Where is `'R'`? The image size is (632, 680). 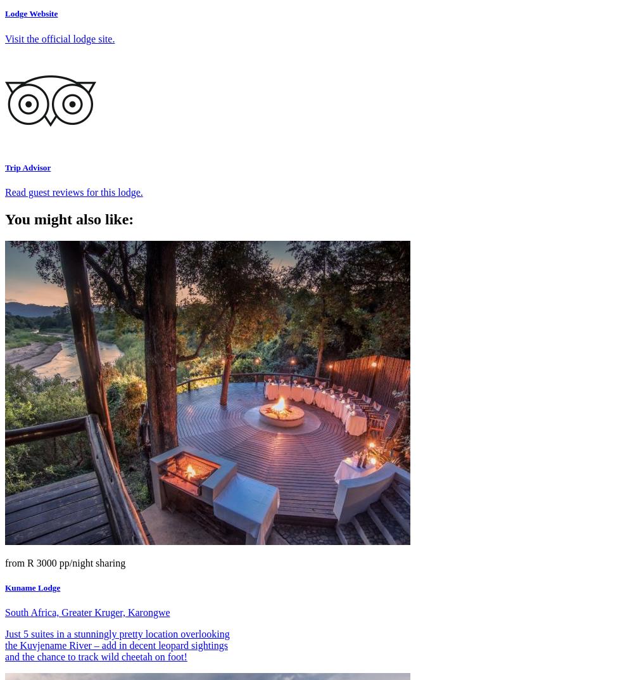 'R' is located at coordinates (27, 561).